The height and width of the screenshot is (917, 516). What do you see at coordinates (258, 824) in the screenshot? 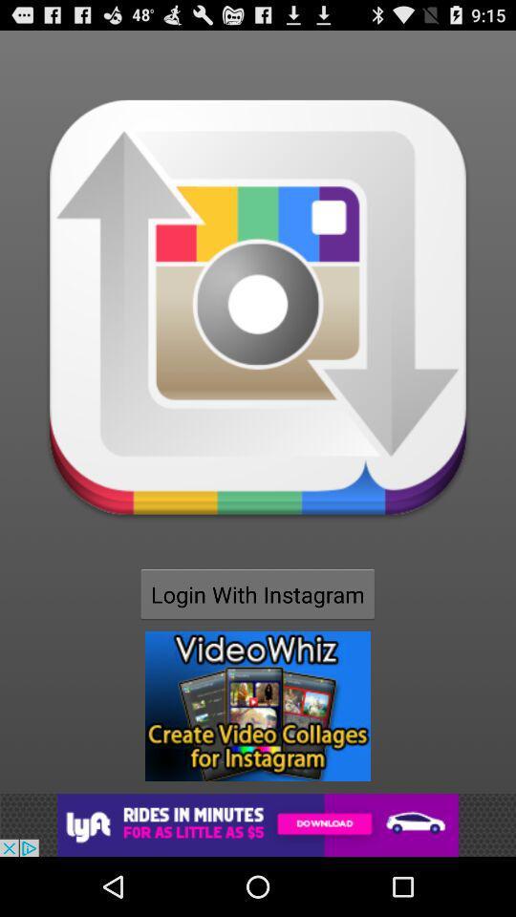
I see `go back` at bounding box center [258, 824].